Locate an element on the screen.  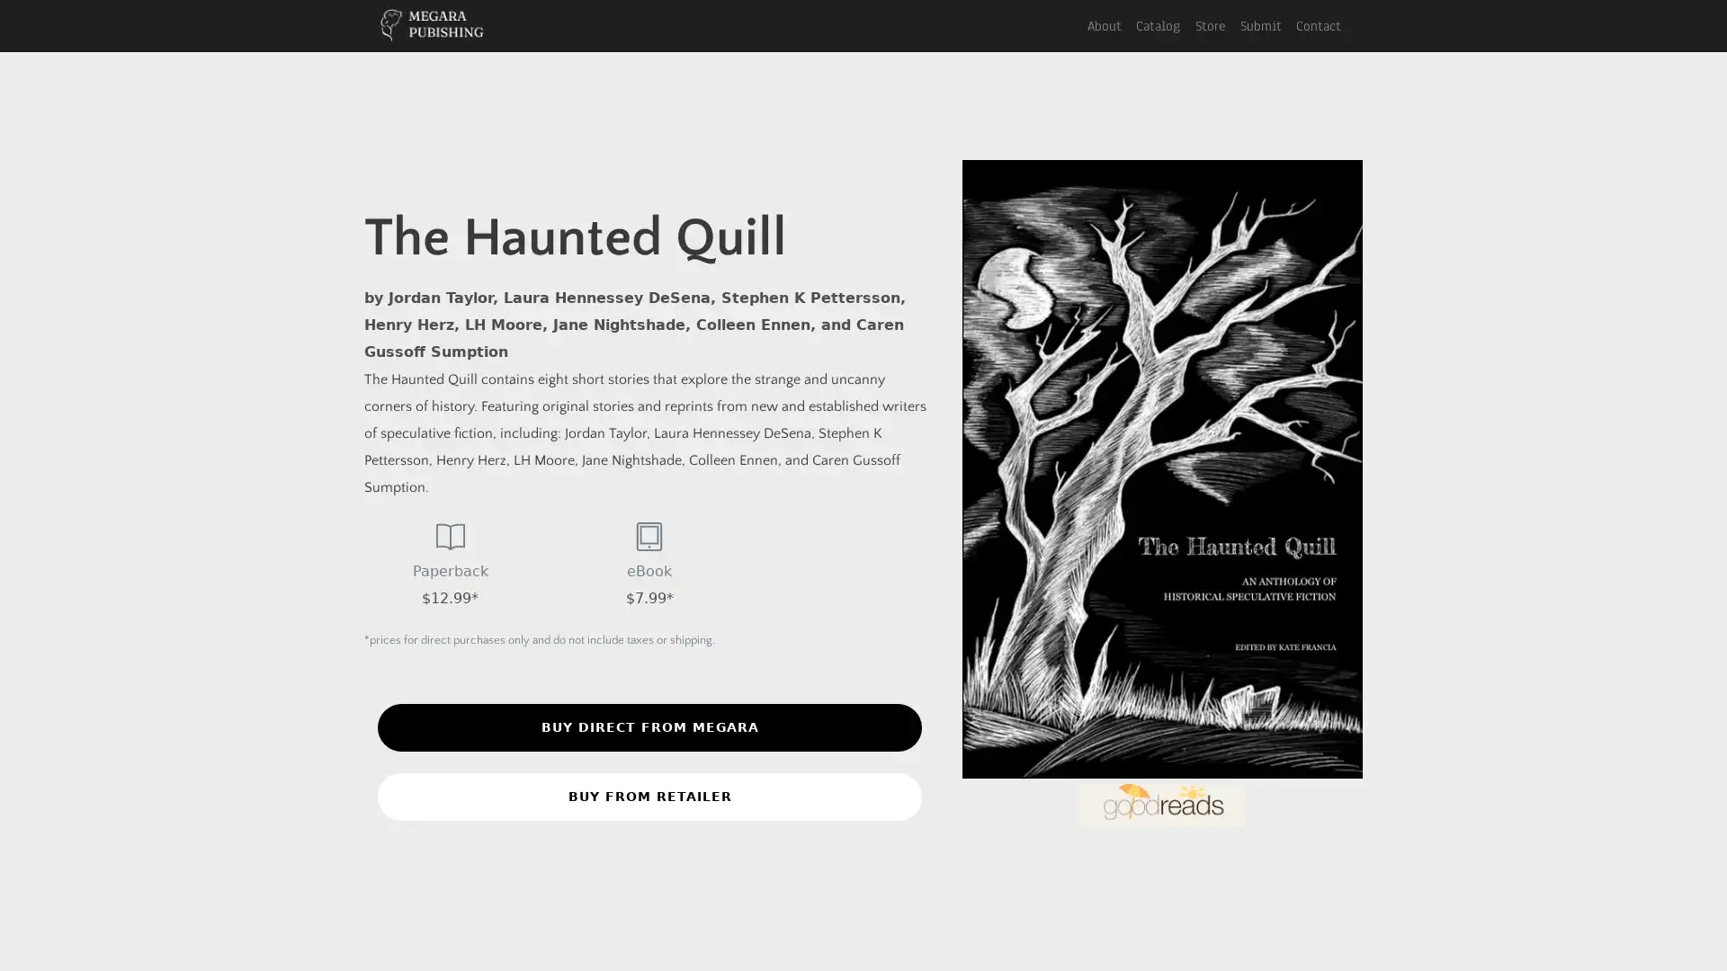
BUY FROM RETAILER is located at coordinates (649, 796).